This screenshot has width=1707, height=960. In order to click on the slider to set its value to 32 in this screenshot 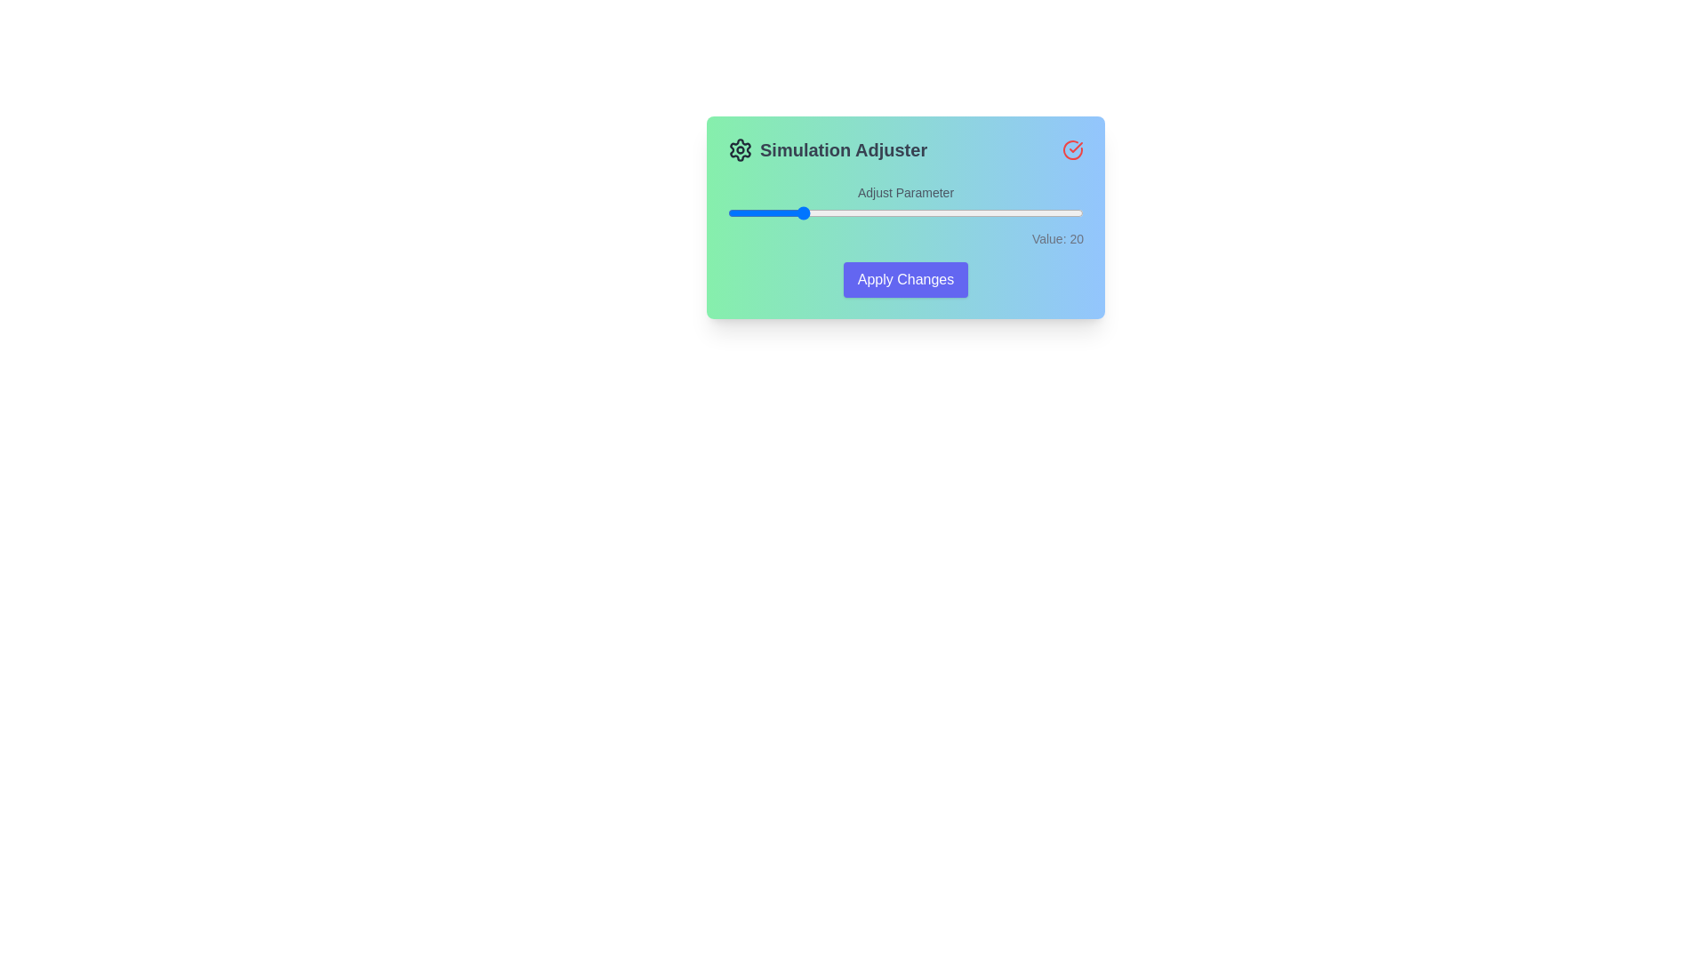, I will do `click(840, 212)`.